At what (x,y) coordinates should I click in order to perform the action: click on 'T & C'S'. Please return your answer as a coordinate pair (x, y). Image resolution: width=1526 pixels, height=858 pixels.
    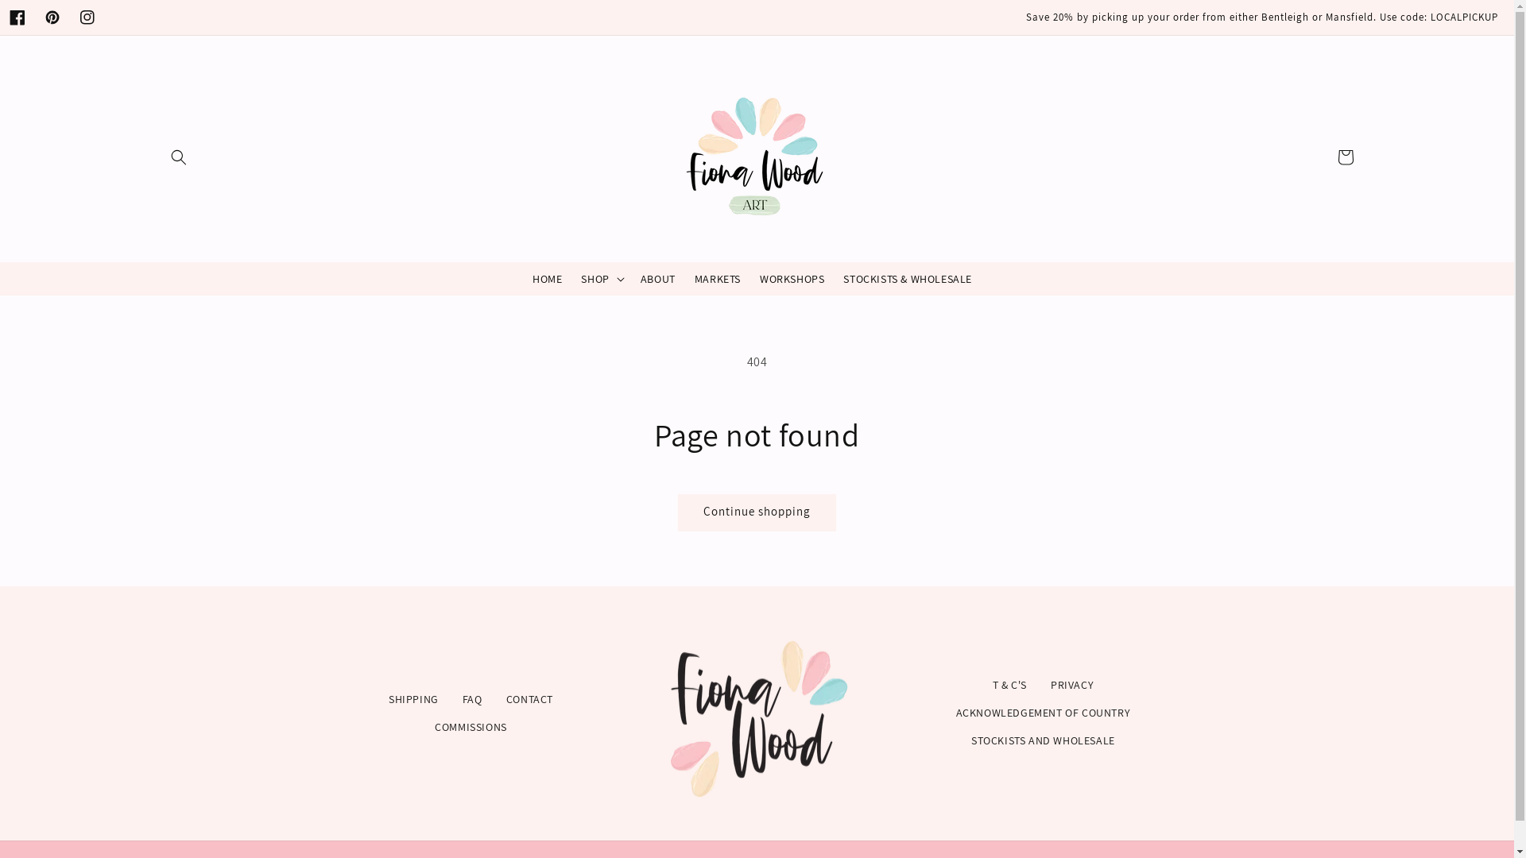
    Looking at the image, I should click on (1009, 684).